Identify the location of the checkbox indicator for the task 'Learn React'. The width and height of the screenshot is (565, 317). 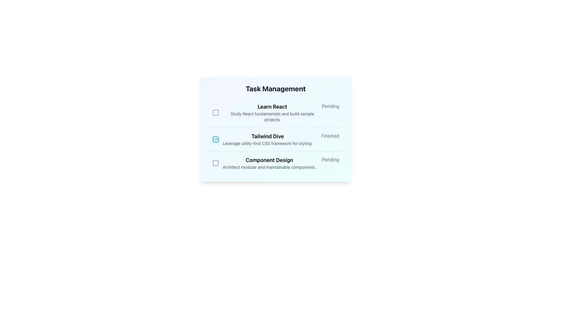
(215, 113).